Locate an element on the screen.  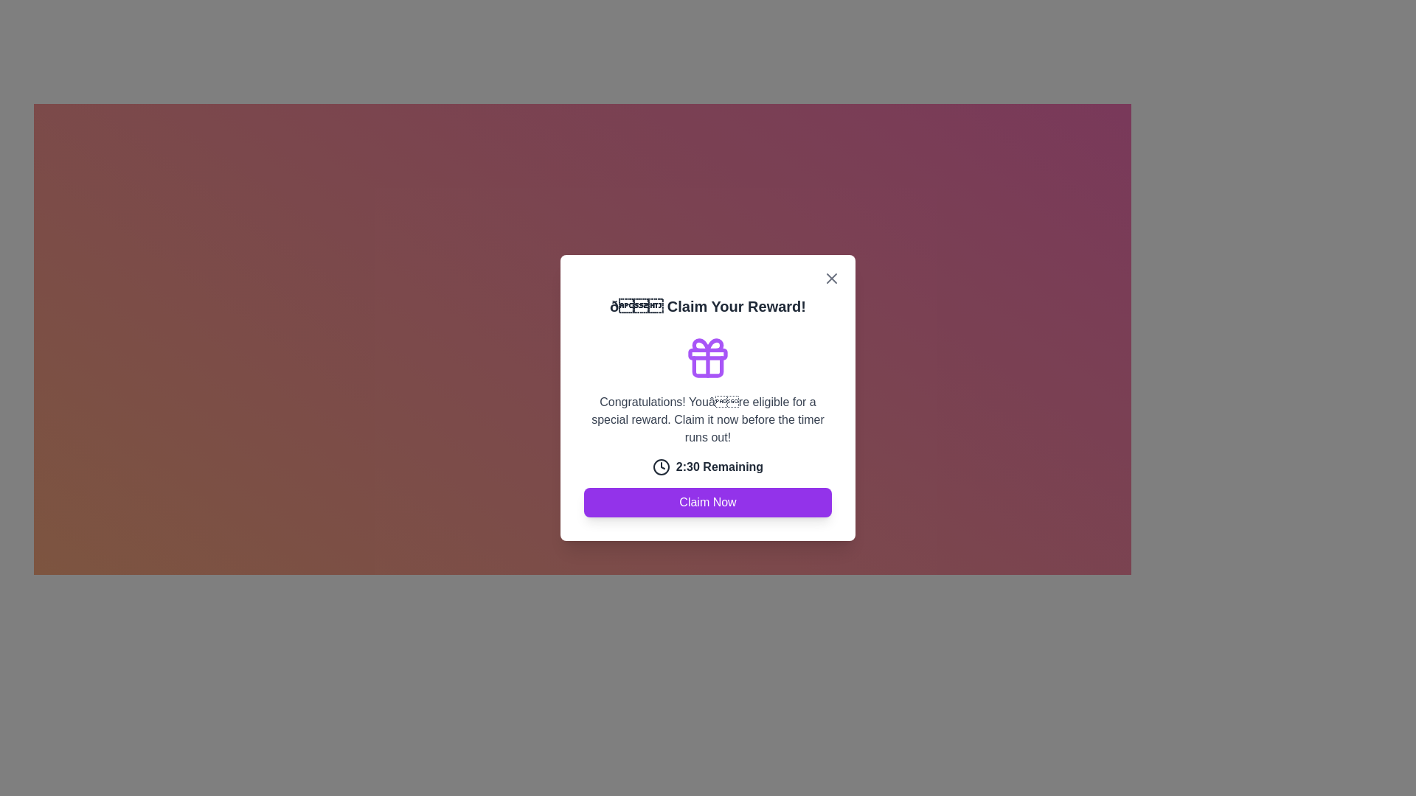
the decorative reward icon located in the upper portion of the modal window, positioned above the text 'Congratulations! You’re eligible for a special reward...' and below the title of the modal is located at coordinates (708, 358).